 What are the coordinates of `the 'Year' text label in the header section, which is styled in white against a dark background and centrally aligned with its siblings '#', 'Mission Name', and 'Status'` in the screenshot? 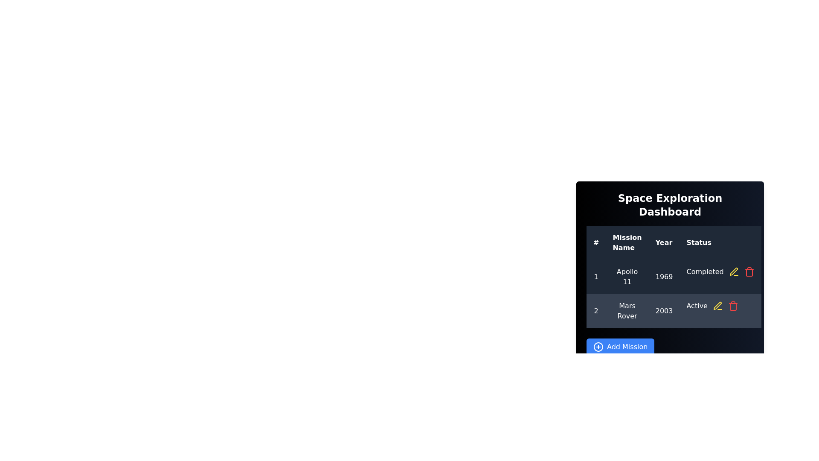 It's located at (664, 243).